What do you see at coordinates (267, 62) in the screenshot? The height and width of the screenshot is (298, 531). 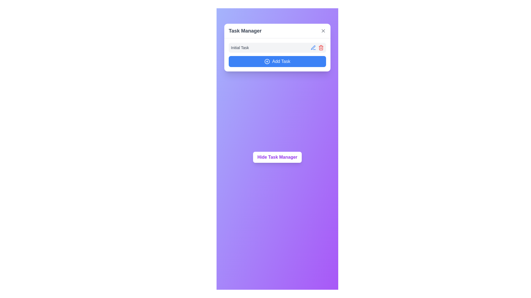 I see `the decorative SVG Circle element within the 'Add Task' button located below the task input field in the Task Manager interface` at bounding box center [267, 62].